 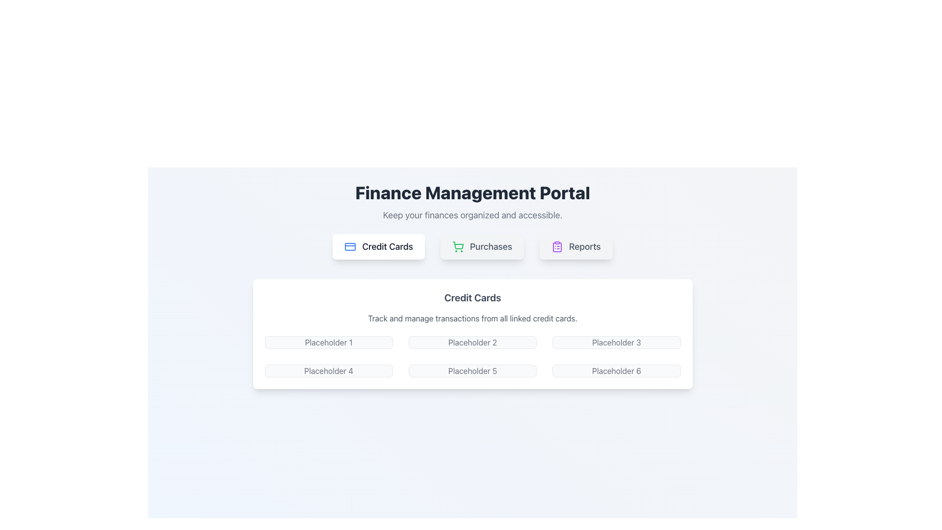 I want to click on the grid layout containing labeled sections 'Placeholder 1' to 'Placeholder 6', located below the 'Credit Cards' section, so click(x=472, y=356).